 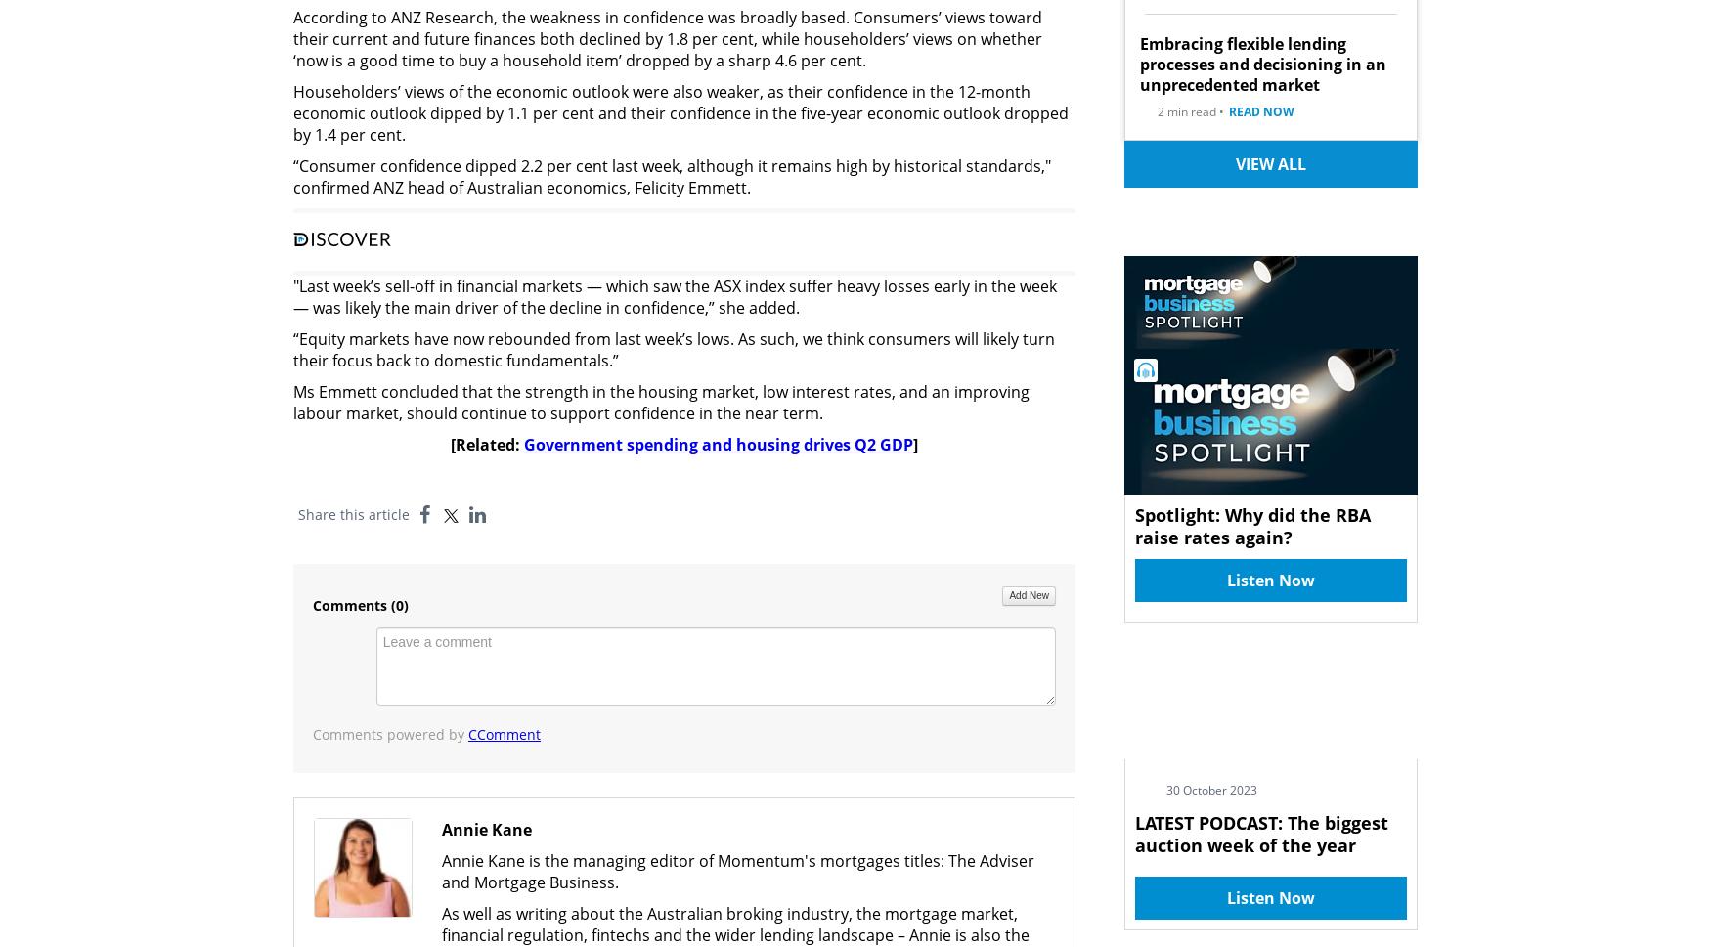 I want to click on '“Equity markets have now rebounded from last week’s lows. As such, we think consumers will likely turn their focus back to domestic fundamentals.”', so click(x=674, y=348).